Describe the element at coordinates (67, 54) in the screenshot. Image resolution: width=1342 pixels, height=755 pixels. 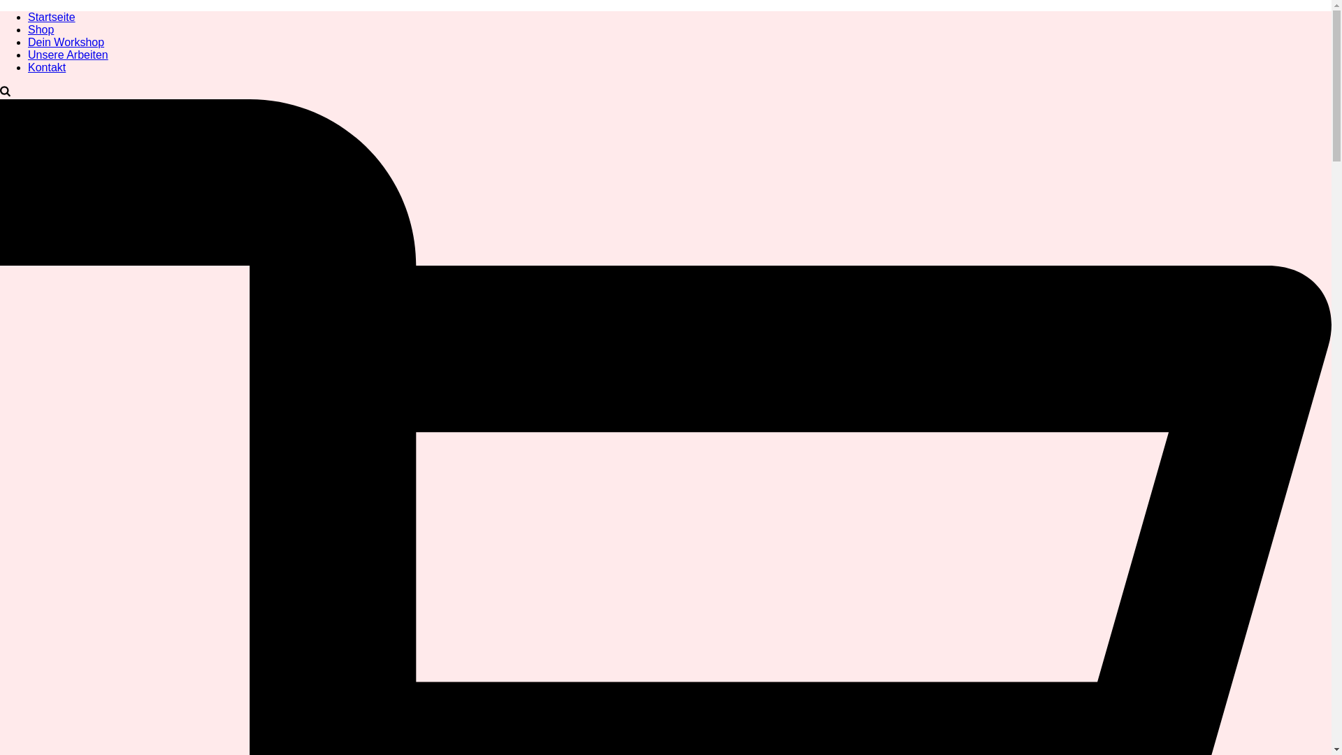
I see `'Unsere Arbeiten'` at that location.